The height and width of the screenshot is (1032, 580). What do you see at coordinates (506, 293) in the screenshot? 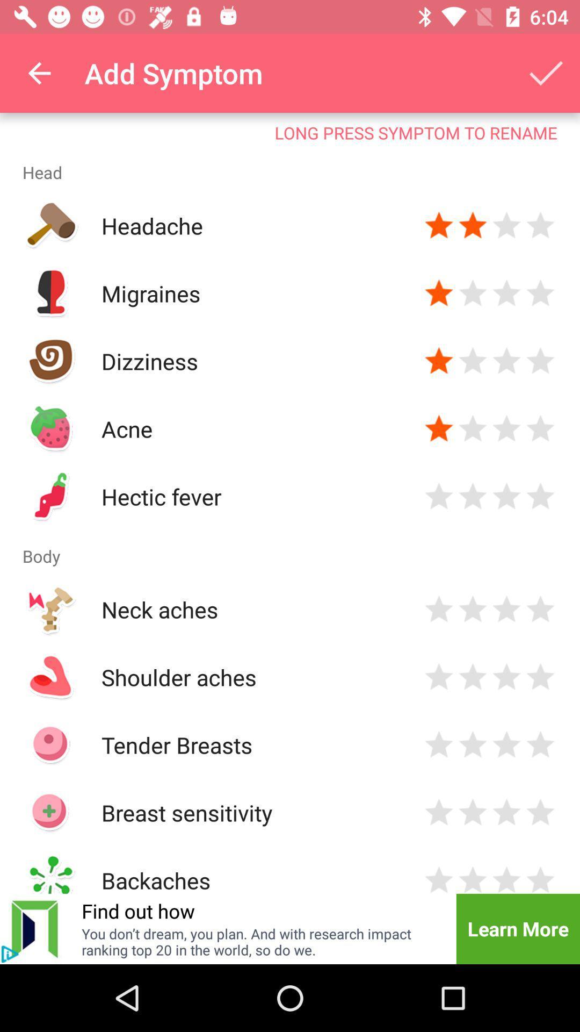
I see `rate 3 stars` at bounding box center [506, 293].